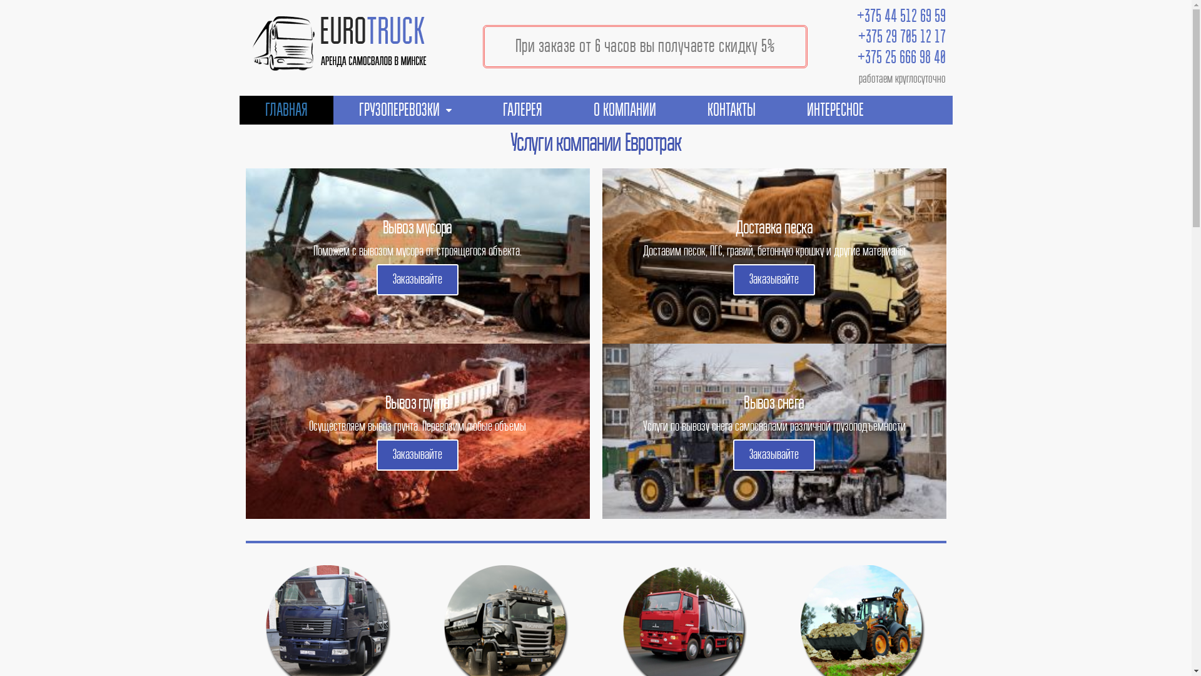 The height and width of the screenshot is (676, 1201). I want to click on '+375 25 666 98 40', so click(901, 58).